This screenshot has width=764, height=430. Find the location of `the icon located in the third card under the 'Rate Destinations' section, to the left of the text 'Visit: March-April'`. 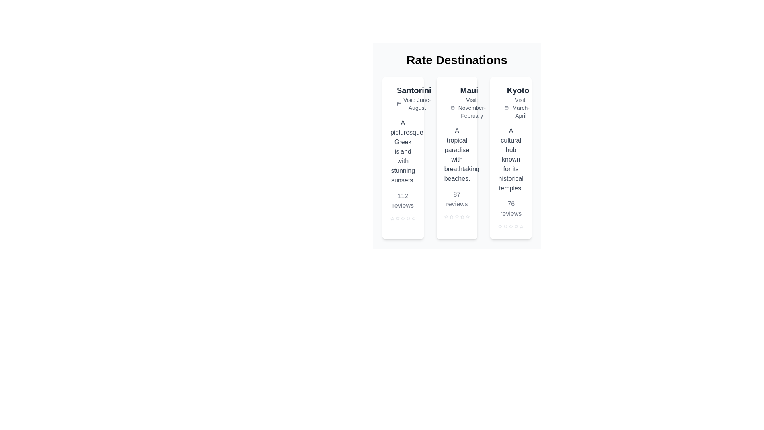

the icon located in the third card under the 'Rate Destinations' section, to the left of the text 'Visit: March-April' is located at coordinates (506, 107).